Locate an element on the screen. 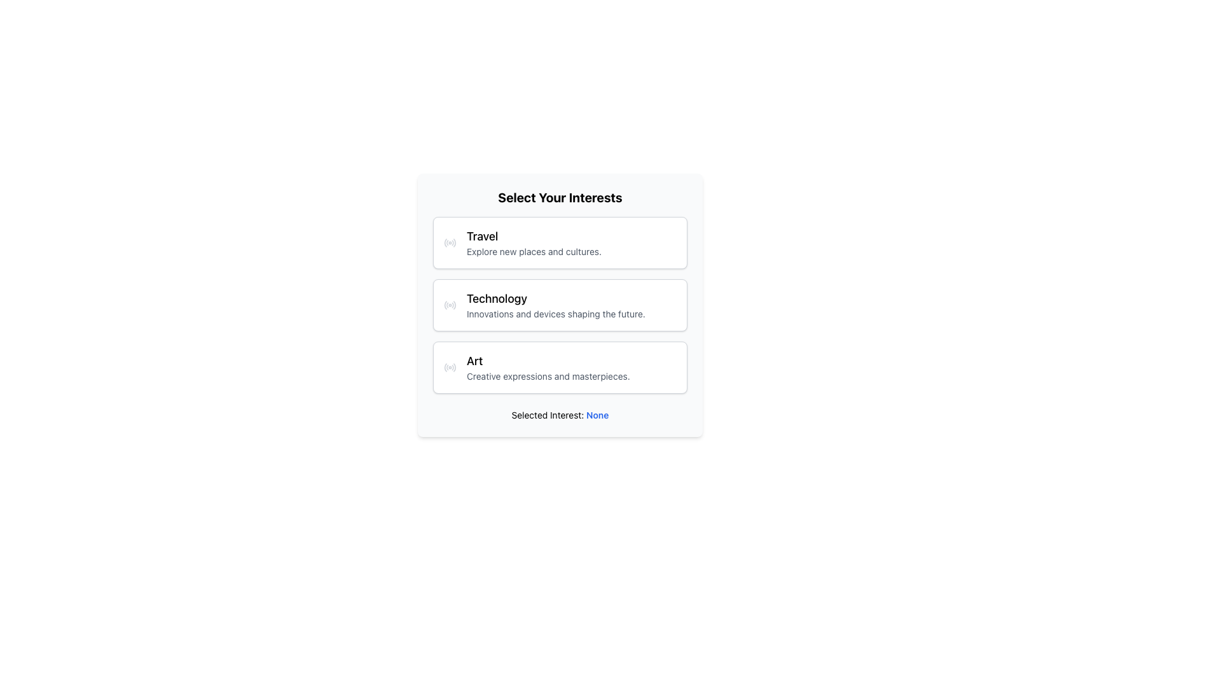 The image size is (1221, 687). text from the text area labeled 'Art' and 'Creative expressions and masterpieces.' located in the third selectable card of the 'Select Your Interests' section is located at coordinates (548, 368).